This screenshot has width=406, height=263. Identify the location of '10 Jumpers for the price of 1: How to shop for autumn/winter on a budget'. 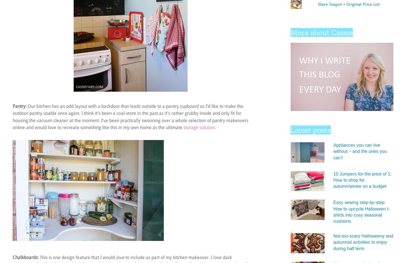
(362, 180).